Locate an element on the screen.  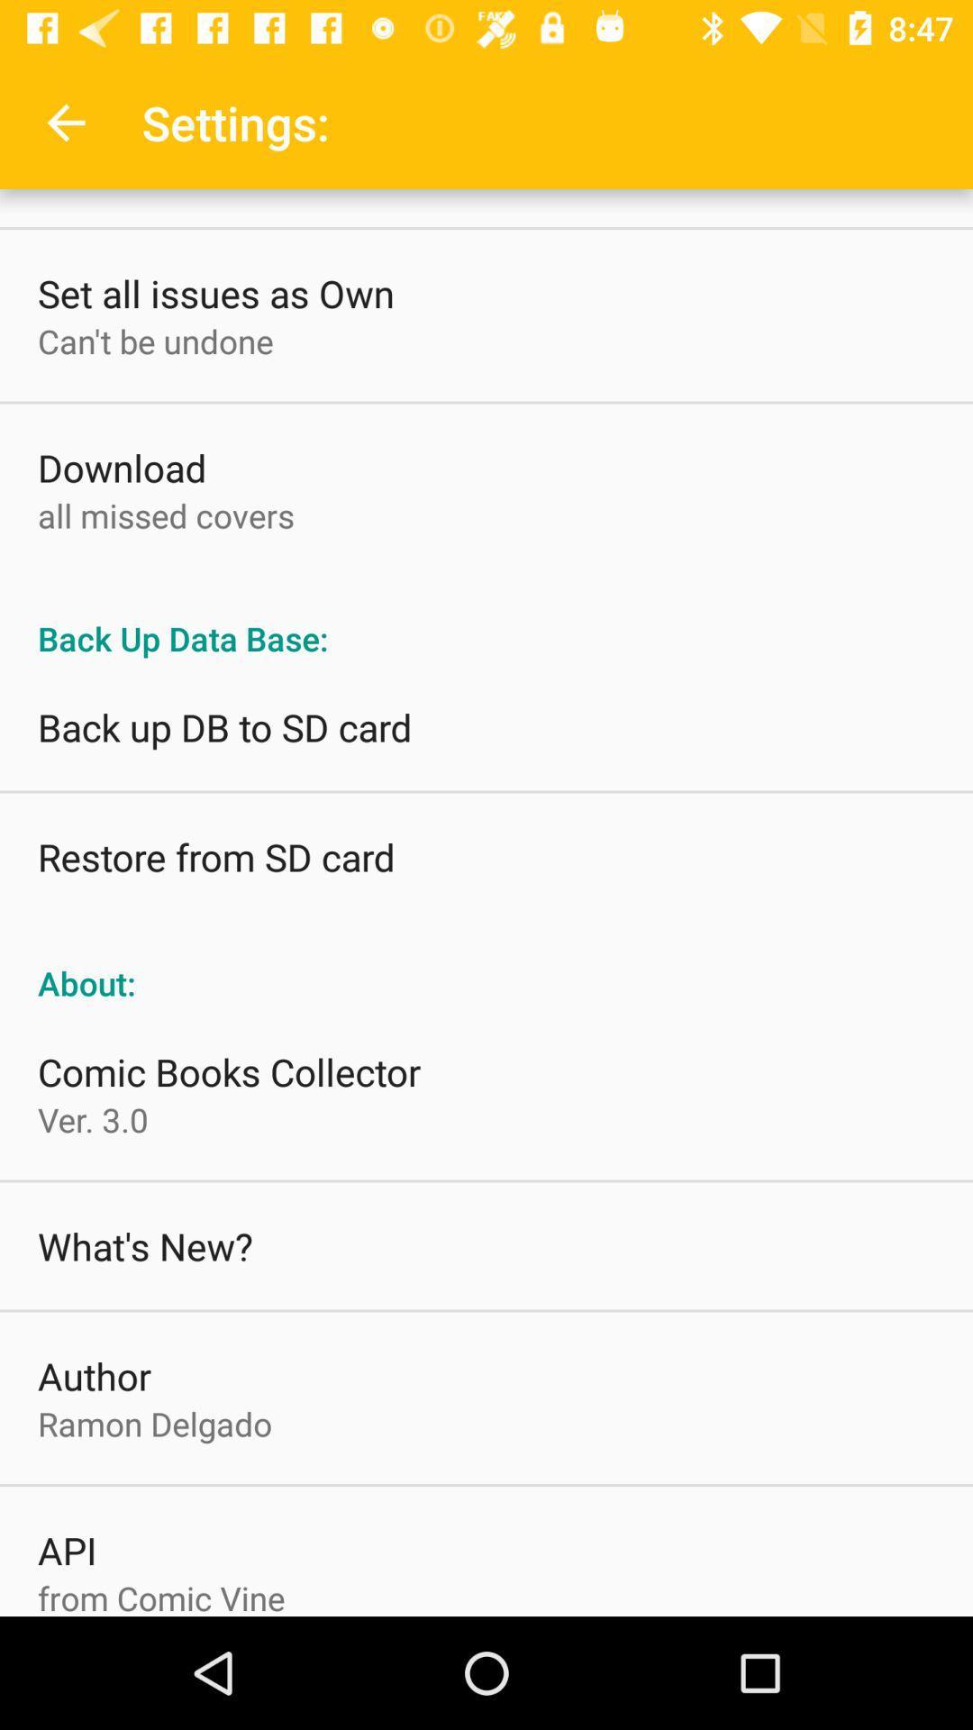
item above author item is located at coordinates (144, 1244).